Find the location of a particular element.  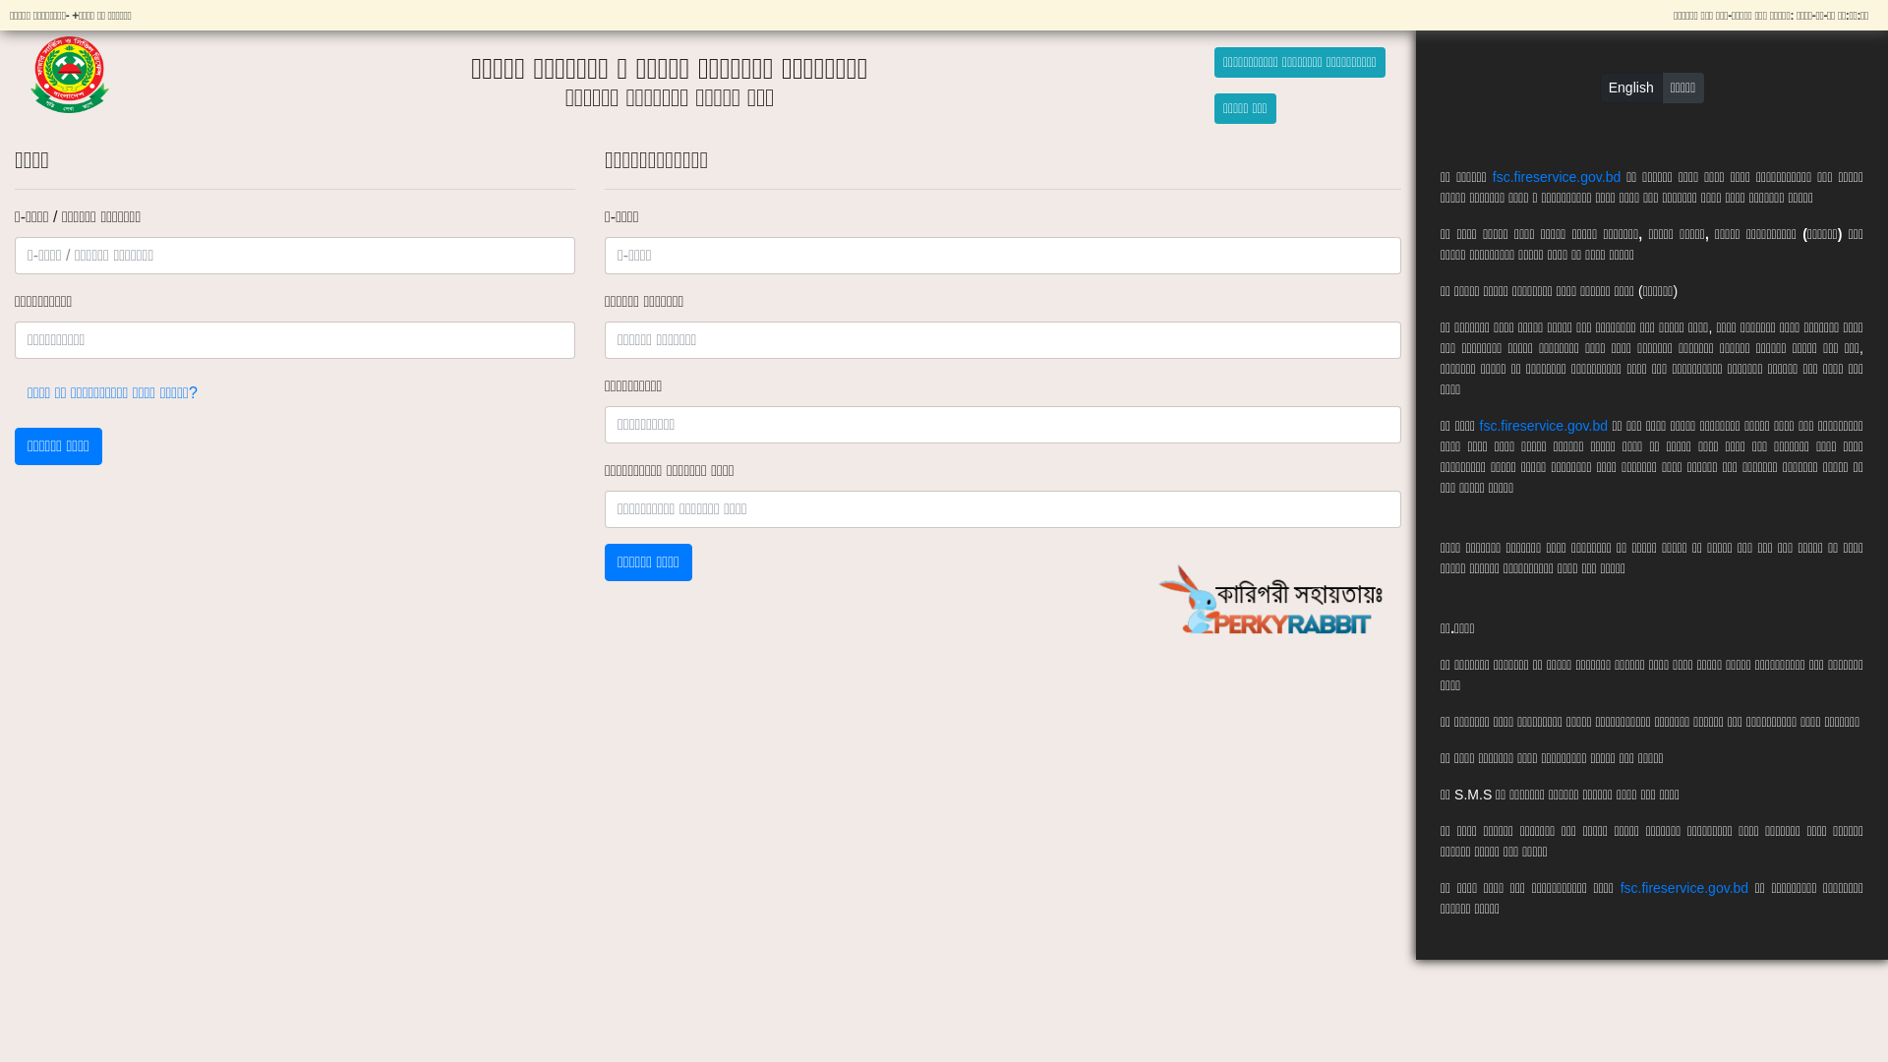

'English' is located at coordinates (1631, 87).